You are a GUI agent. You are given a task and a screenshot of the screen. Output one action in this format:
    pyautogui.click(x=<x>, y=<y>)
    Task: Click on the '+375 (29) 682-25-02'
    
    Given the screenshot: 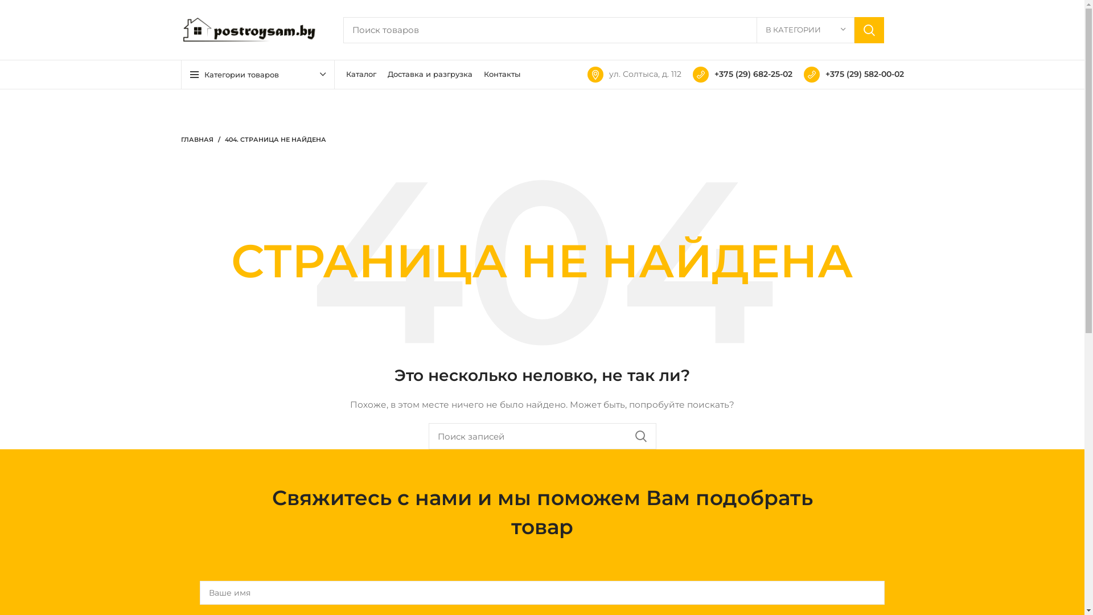 What is the action you would take?
    pyautogui.click(x=742, y=74)
    